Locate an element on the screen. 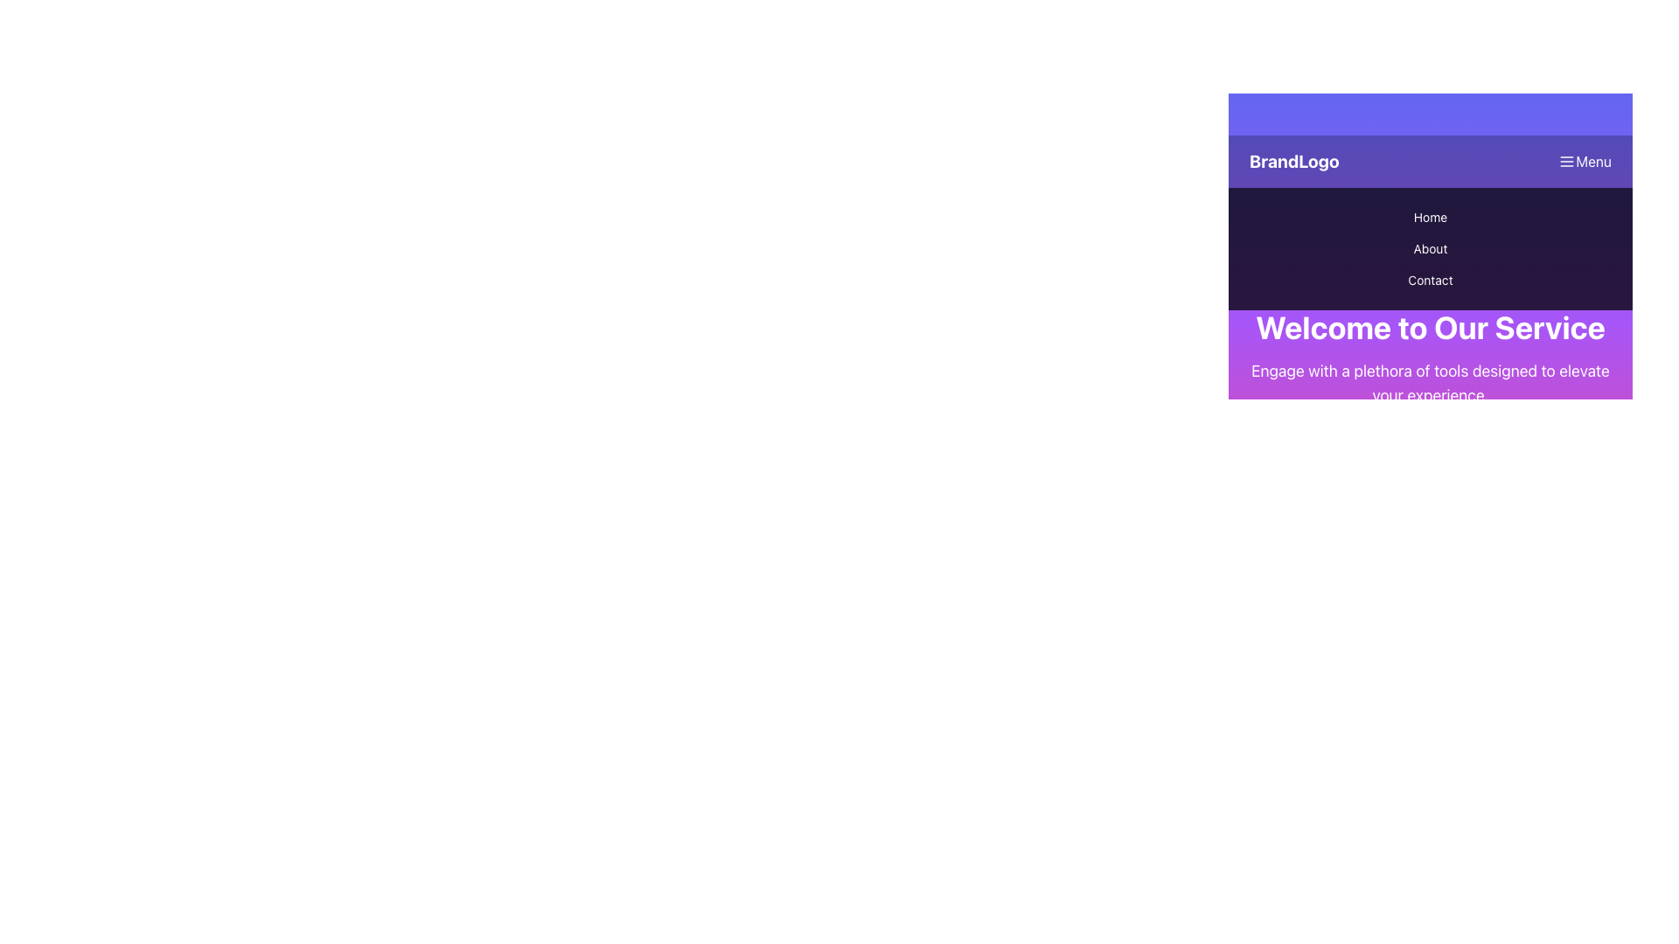  the Text Display element that shows 'Welcome to Our Service' in large, bold white font on a vibrant purple background is located at coordinates (1431, 327).